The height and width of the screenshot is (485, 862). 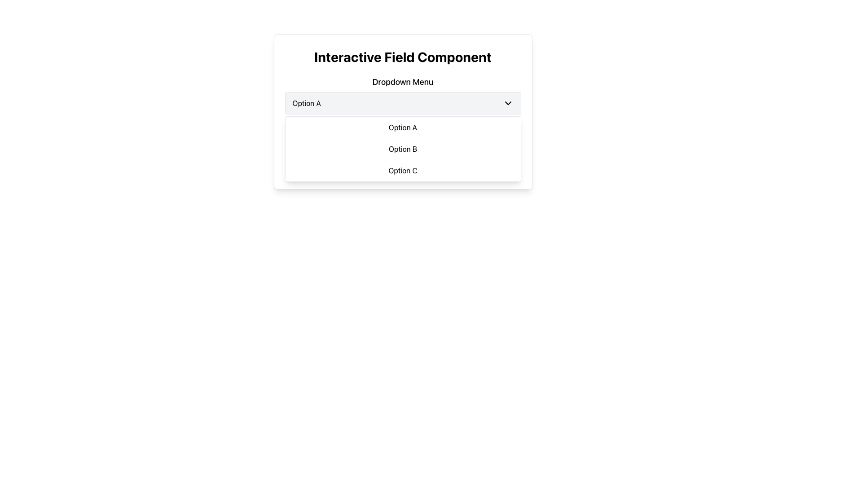 I want to click on the rectangular button labeled 'Option C' in the dropdown menu, so click(x=402, y=171).